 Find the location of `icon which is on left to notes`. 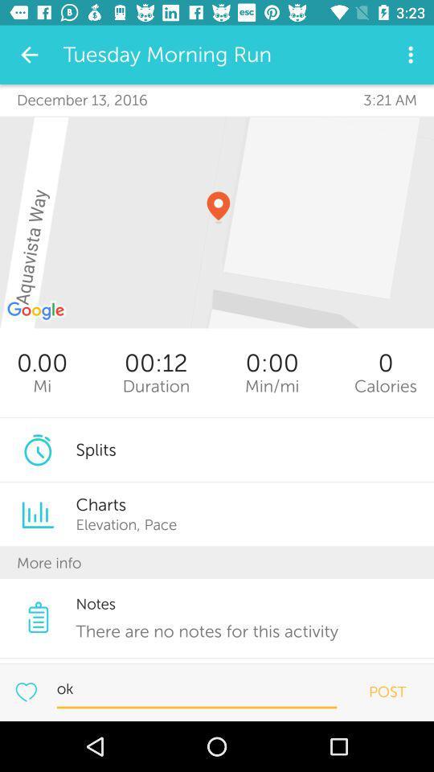

icon which is on left to notes is located at coordinates (38, 616).